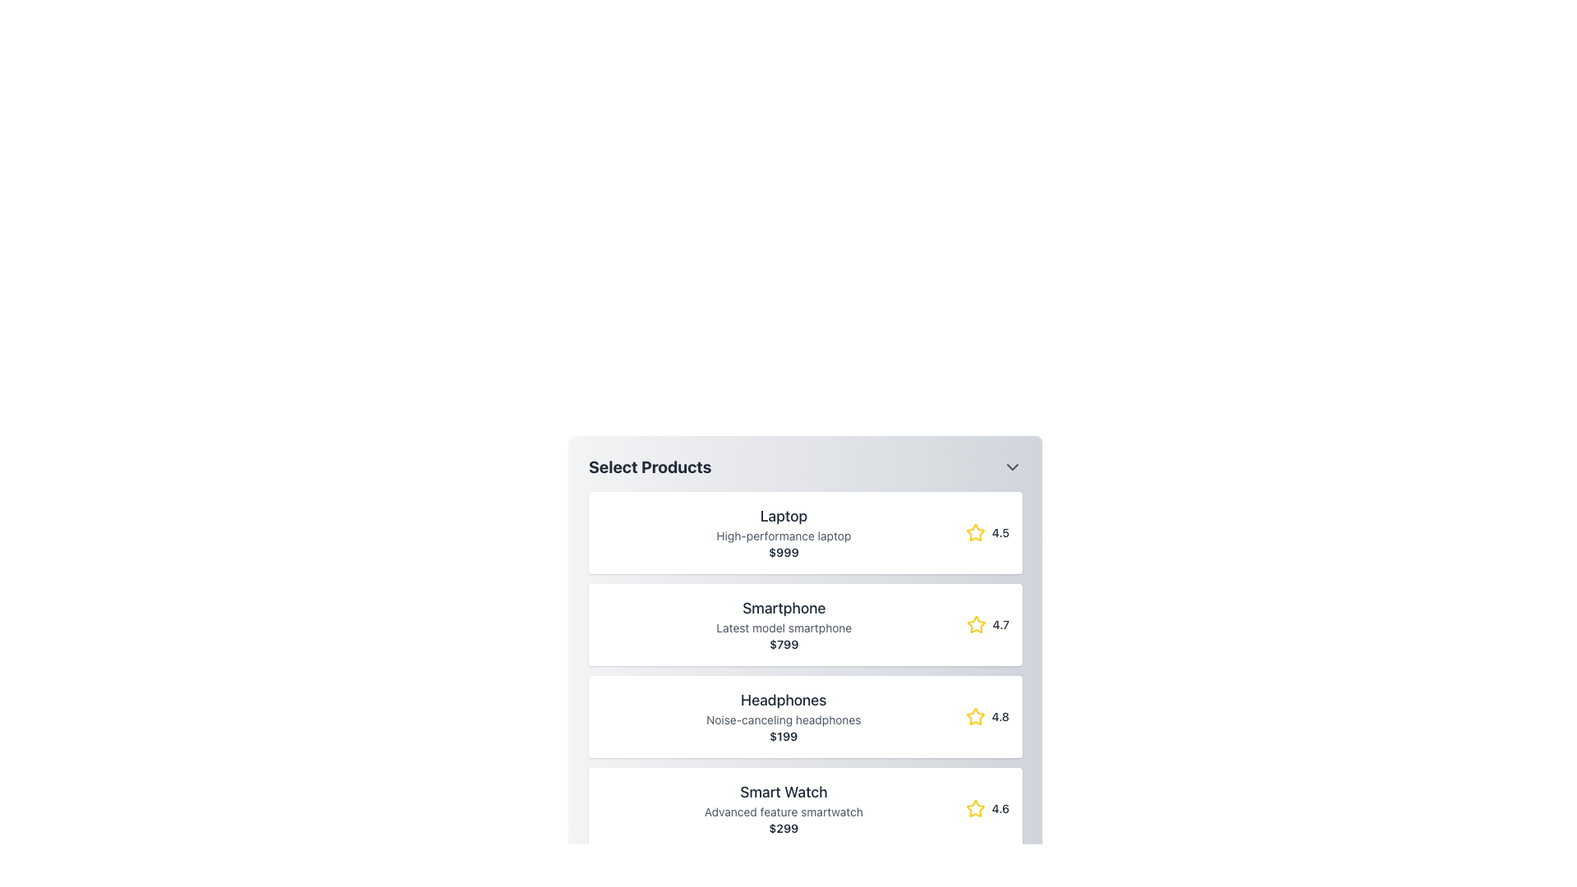 Image resolution: width=1577 pixels, height=887 pixels. I want to click on the Dropdown Header labeled 'Select Products' by, so click(805, 467).